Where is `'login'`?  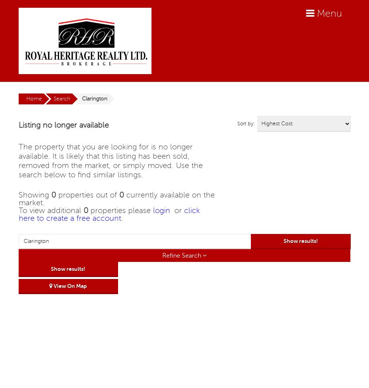 'login' is located at coordinates (160, 211).